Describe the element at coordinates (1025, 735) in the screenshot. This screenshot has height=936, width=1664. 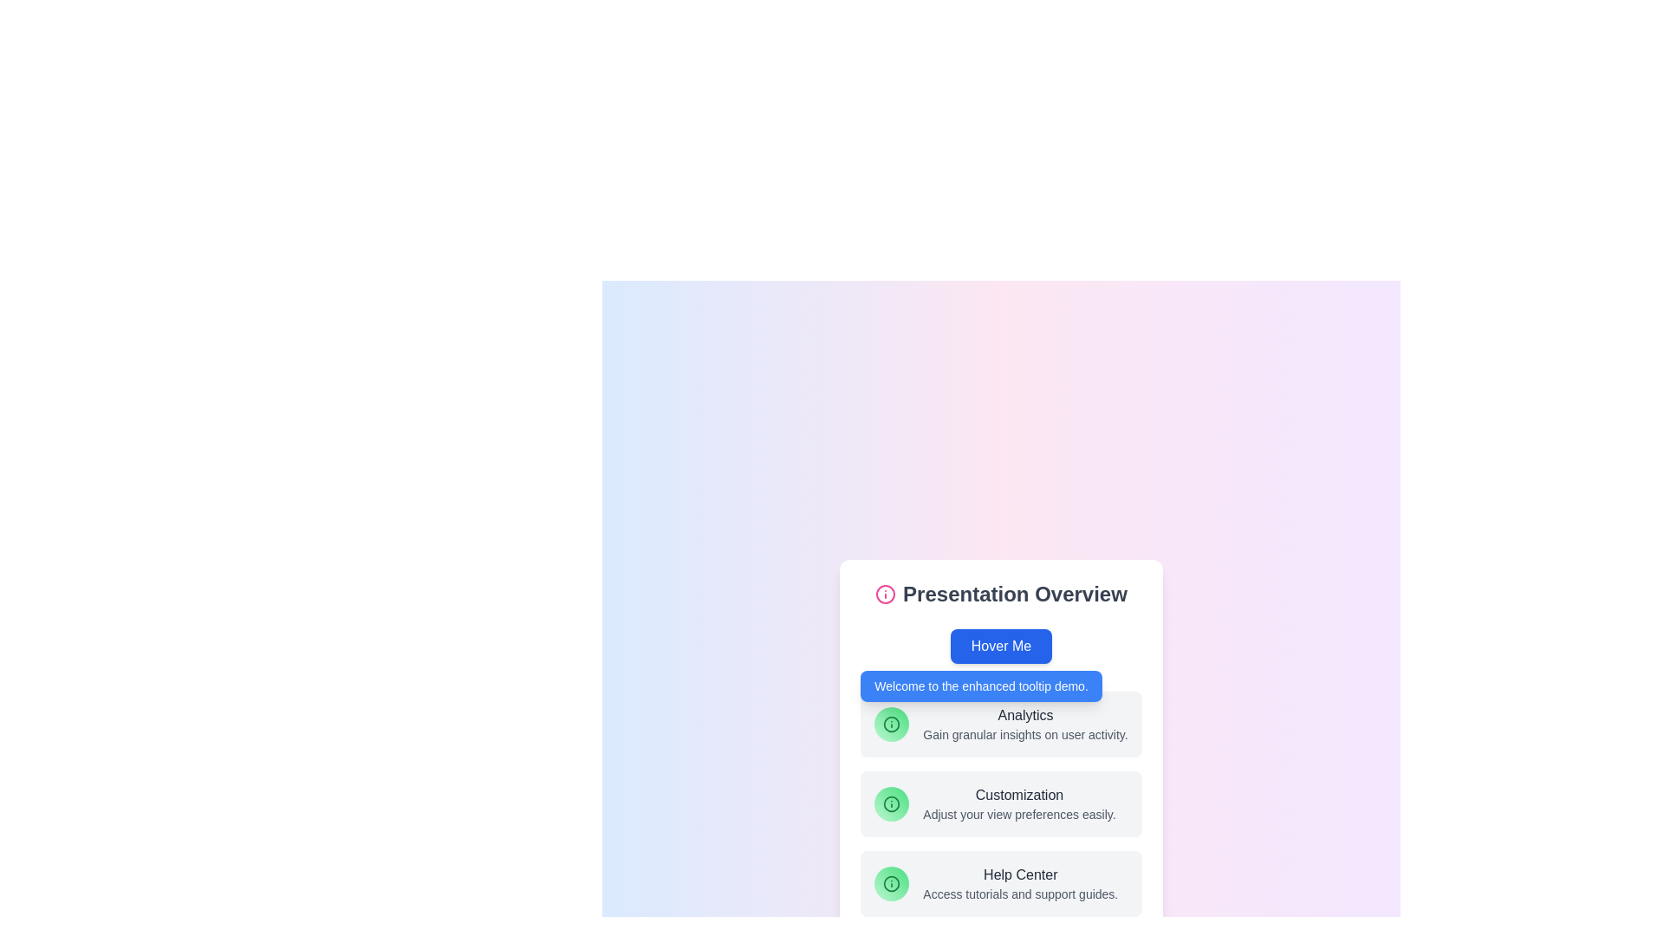
I see `the text label providing additional context for the heading 'Analytics', located beneath the heading within a card-like panel` at that location.